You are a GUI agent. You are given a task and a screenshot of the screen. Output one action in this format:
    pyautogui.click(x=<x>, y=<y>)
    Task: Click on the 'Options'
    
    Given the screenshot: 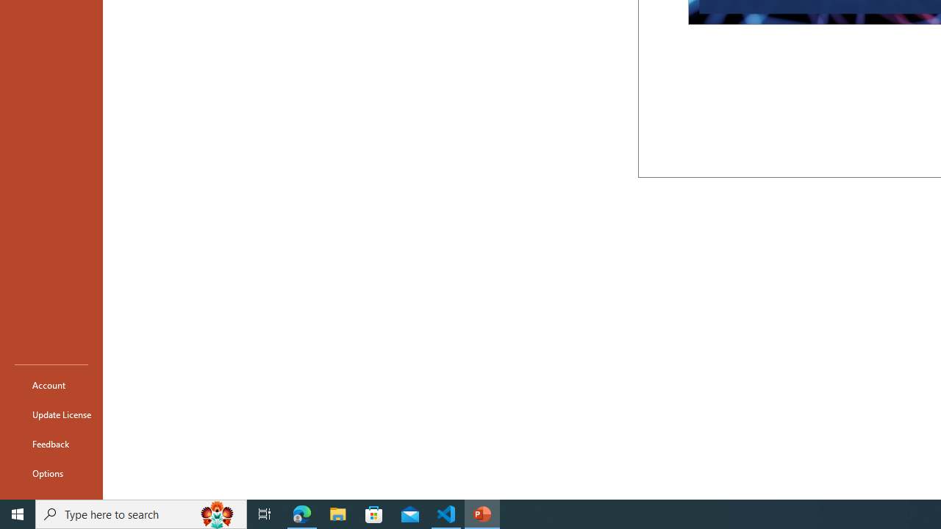 What is the action you would take?
    pyautogui.click(x=51, y=473)
    